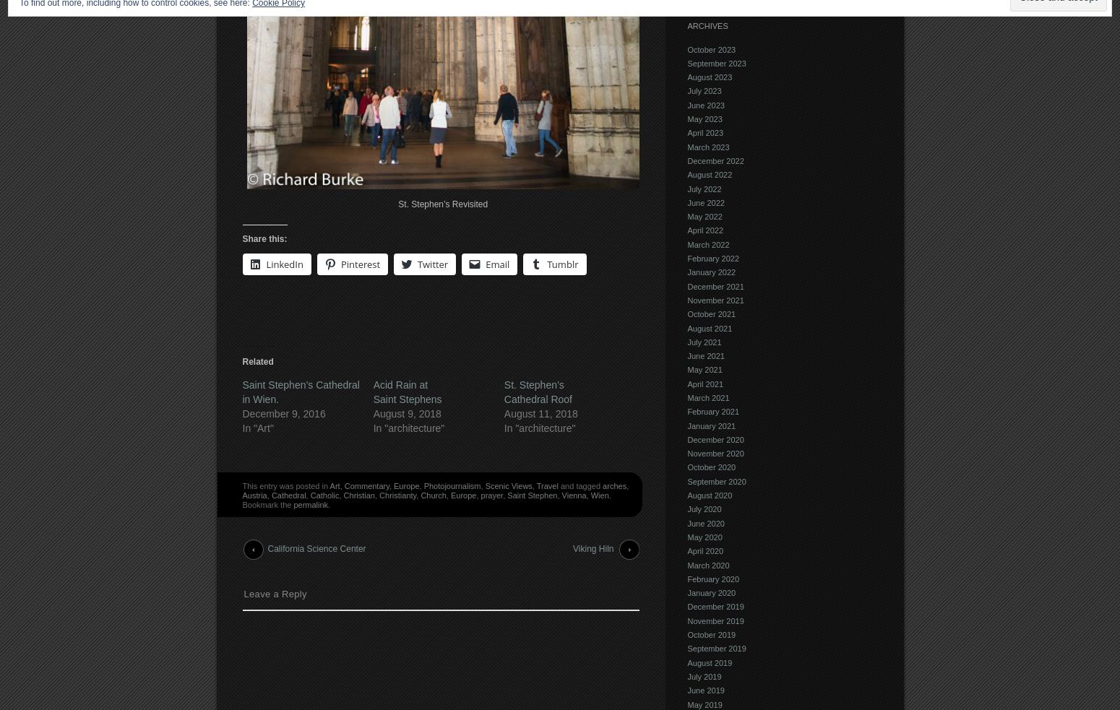  Describe the element at coordinates (706, 24) in the screenshot. I see `'Archives'` at that location.